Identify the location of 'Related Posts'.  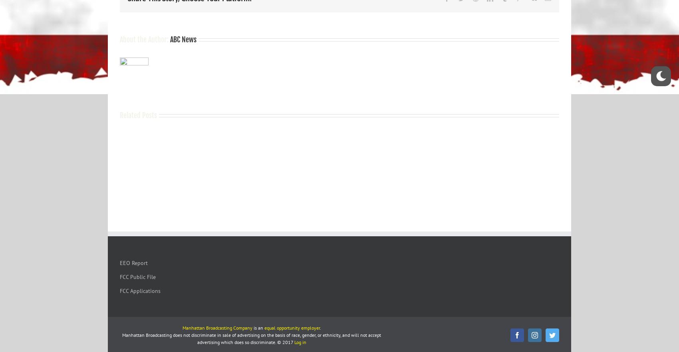
(120, 114).